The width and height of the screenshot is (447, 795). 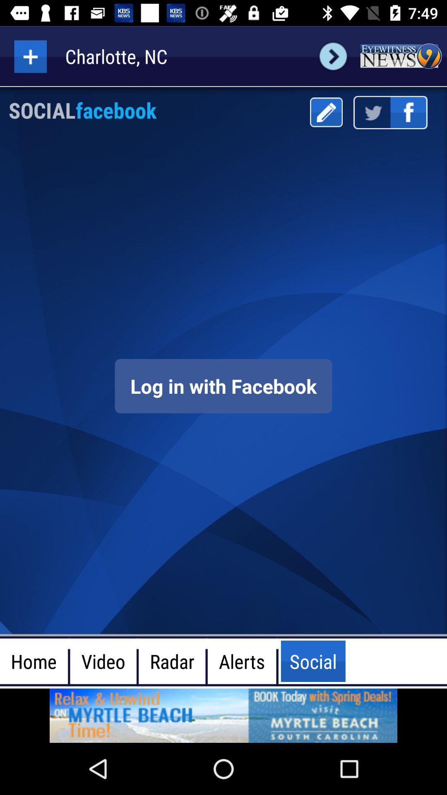 I want to click on the arrow_forward icon, so click(x=333, y=56).